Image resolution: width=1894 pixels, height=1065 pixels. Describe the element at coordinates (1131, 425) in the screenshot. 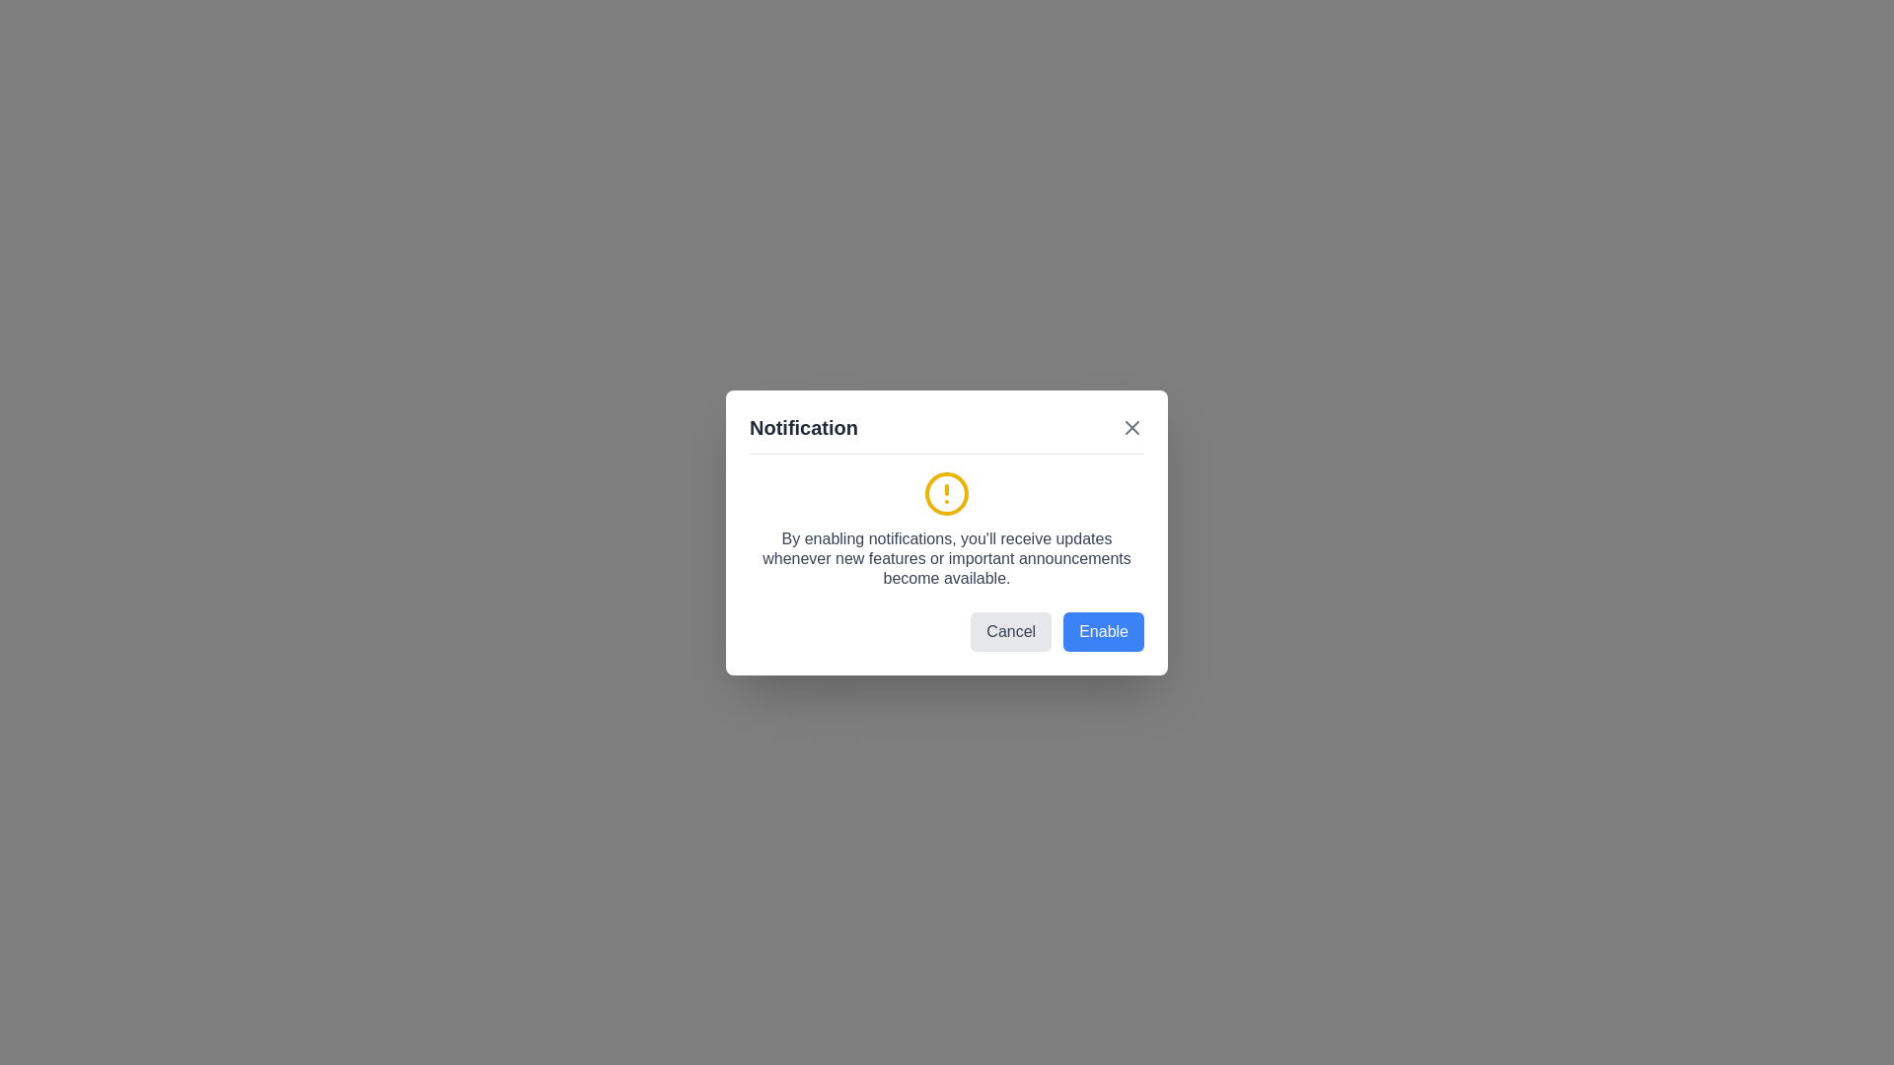

I see `close button (X) in the top-right corner of the dialog` at that location.